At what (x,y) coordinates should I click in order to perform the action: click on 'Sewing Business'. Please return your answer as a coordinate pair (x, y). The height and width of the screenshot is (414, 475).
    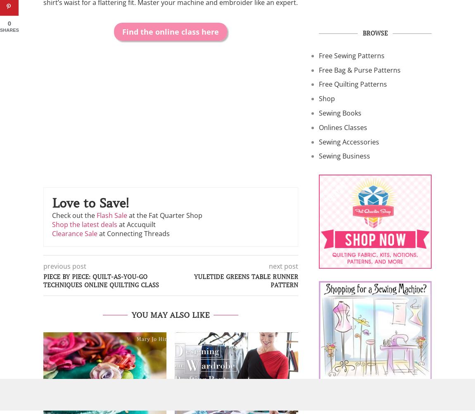
    Looking at the image, I should click on (343, 156).